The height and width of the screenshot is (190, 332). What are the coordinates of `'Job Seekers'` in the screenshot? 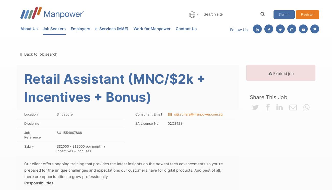 It's located at (43, 28).